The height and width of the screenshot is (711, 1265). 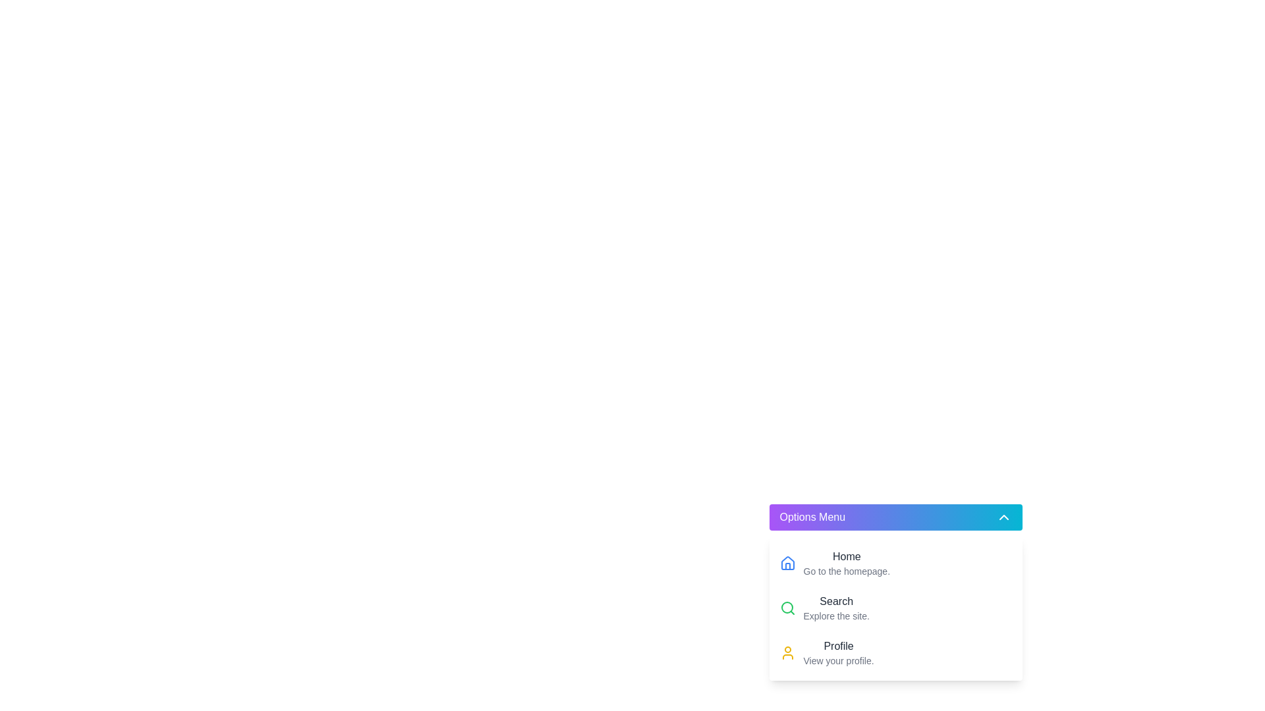 What do you see at coordinates (838, 660) in the screenshot?
I see `the text element that reads 'View your profile.' located below the 'Profile' label in the 'Options Menu' section` at bounding box center [838, 660].